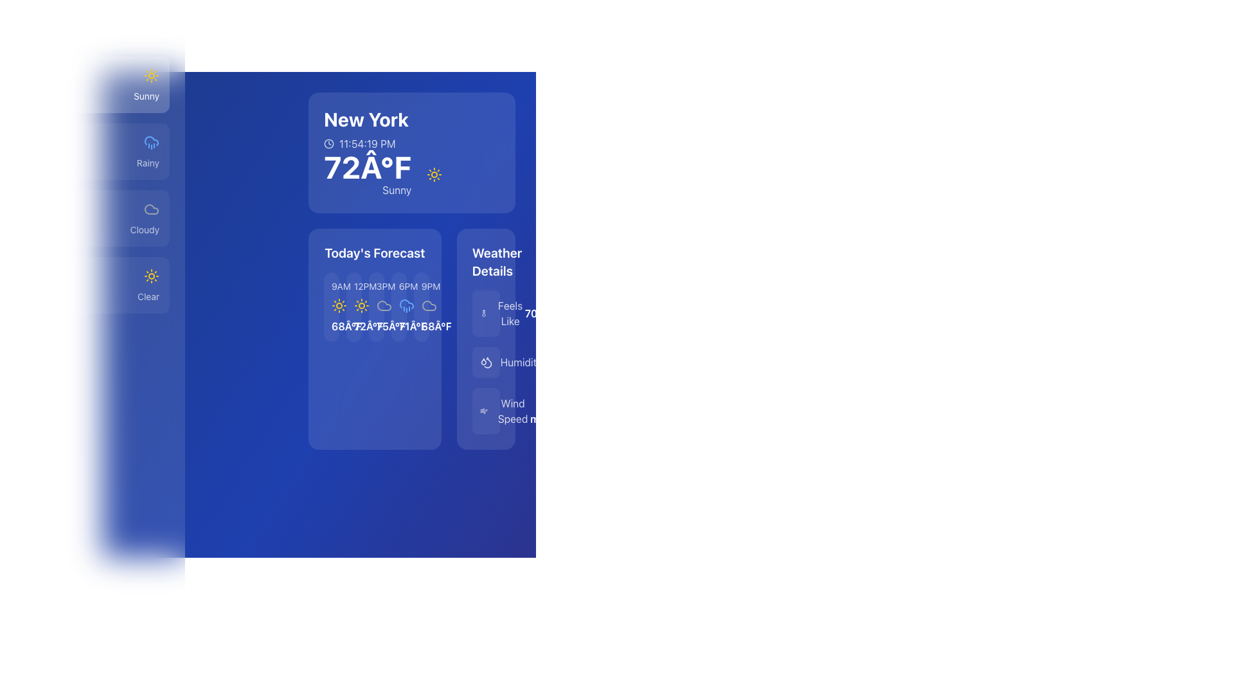 This screenshot has width=1234, height=694. What do you see at coordinates (485, 314) in the screenshot?
I see `the temperature icon located in the 'Weather Details' section, which is the first icon to the left of the 'Feels Like' label` at bounding box center [485, 314].